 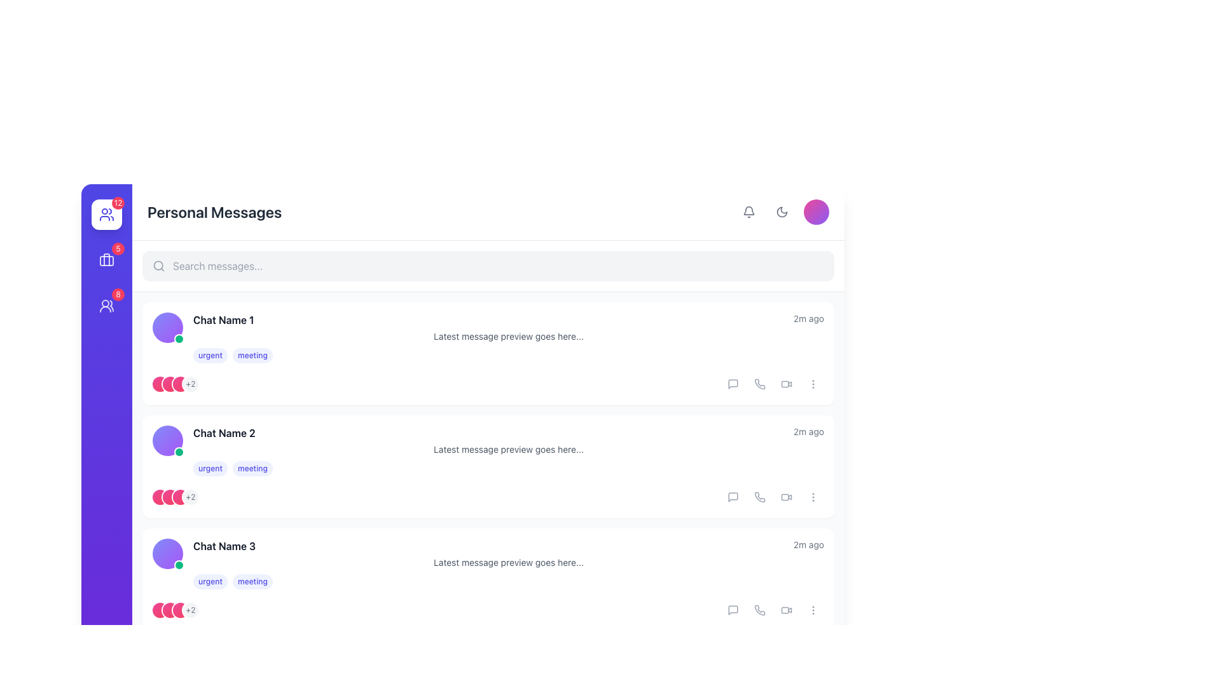 What do you see at coordinates (509, 546) in the screenshot?
I see `the text label displaying the name of a chat or conversation in the third entry of the 'Personal Messages' section` at bounding box center [509, 546].